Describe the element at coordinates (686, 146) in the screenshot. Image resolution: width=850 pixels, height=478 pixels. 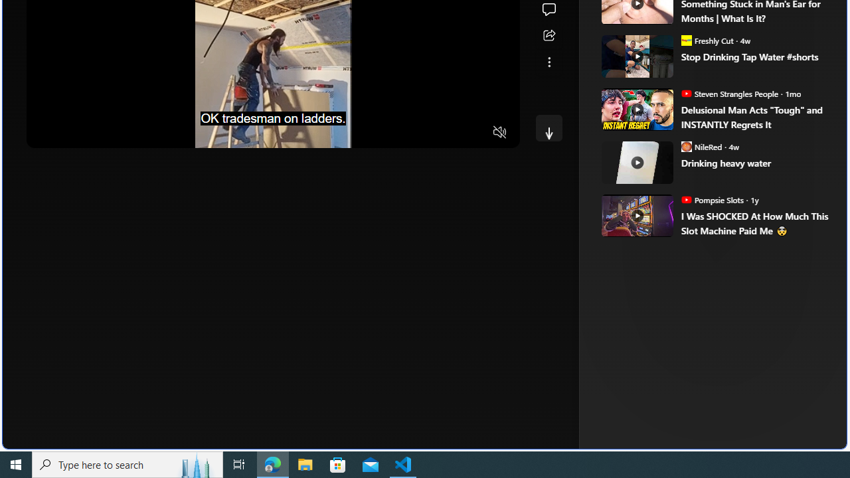
I see `'NileRed'` at that location.